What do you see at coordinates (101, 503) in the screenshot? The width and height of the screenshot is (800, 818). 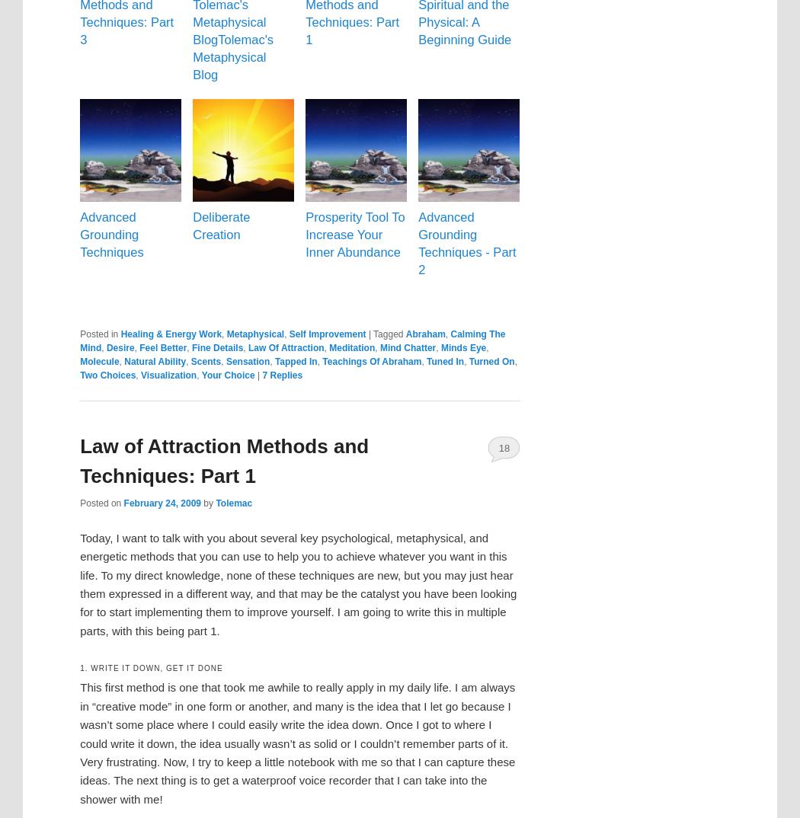 I see `'Posted on'` at bounding box center [101, 503].